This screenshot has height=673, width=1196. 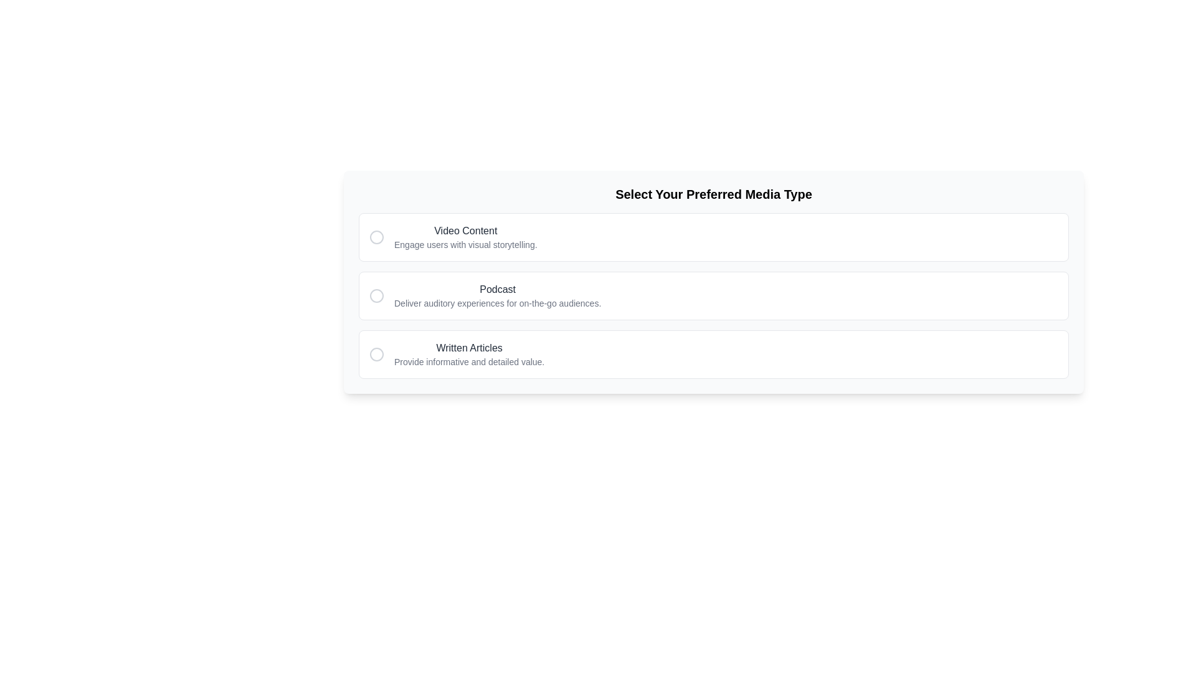 What do you see at coordinates (376, 237) in the screenshot?
I see `the Circular UI indicator that represents the selection status of the 'Video Content' option in the media preferences list` at bounding box center [376, 237].